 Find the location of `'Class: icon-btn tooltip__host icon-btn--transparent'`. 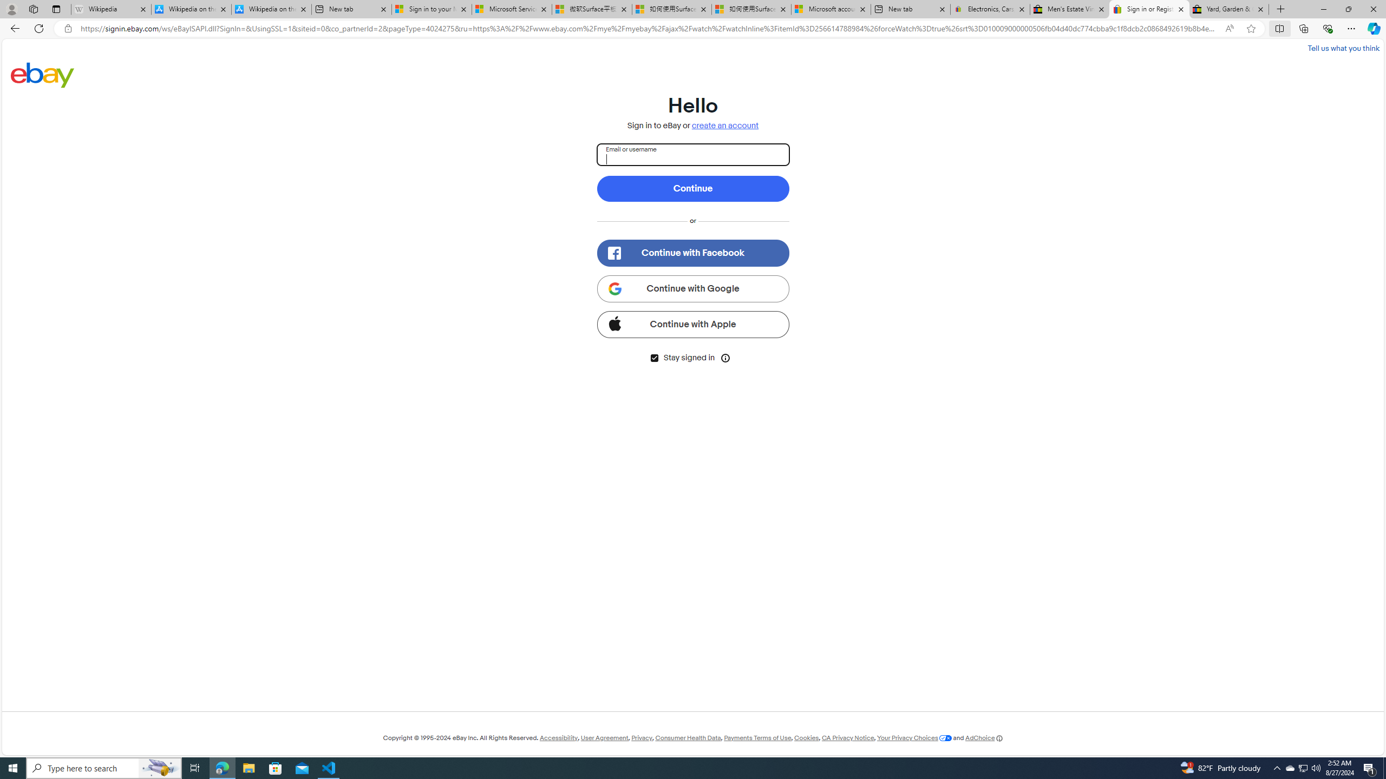

'Class: icon-btn tooltip__host icon-btn--transparent' is located at coordinates (726, 357).